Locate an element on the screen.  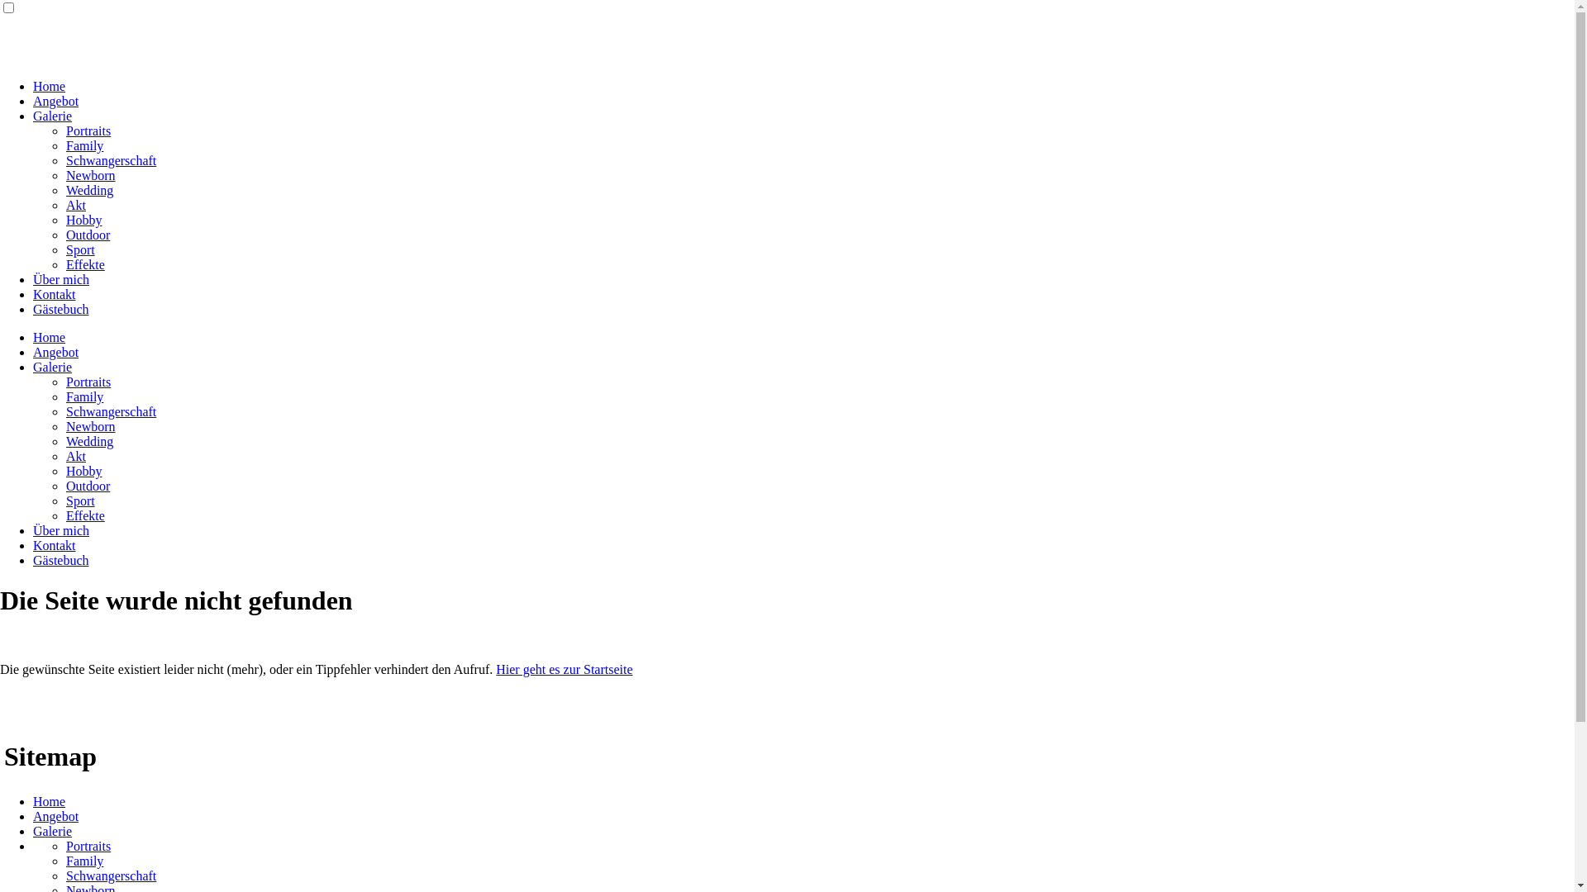
'Effekte' is located at coordinates (84, 515).